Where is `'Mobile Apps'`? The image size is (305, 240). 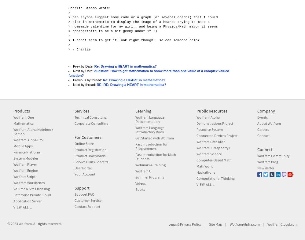 'Mobile Apps' is located at coordinates (22, 146).